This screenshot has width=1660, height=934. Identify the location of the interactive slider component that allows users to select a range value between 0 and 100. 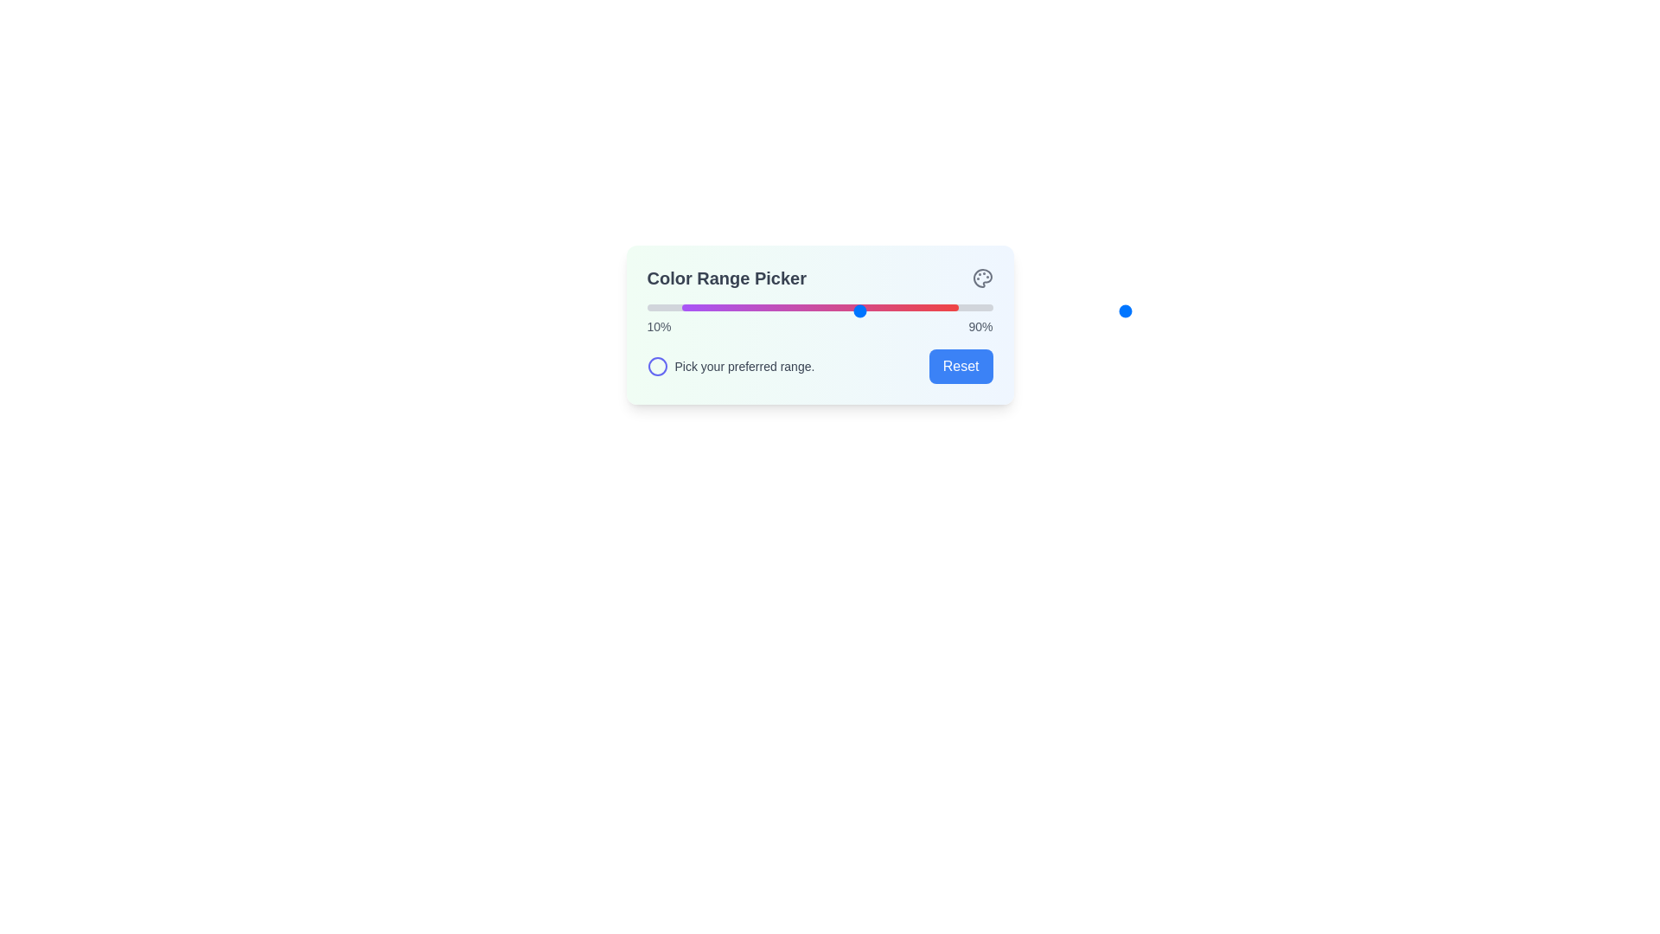
(993, 310).